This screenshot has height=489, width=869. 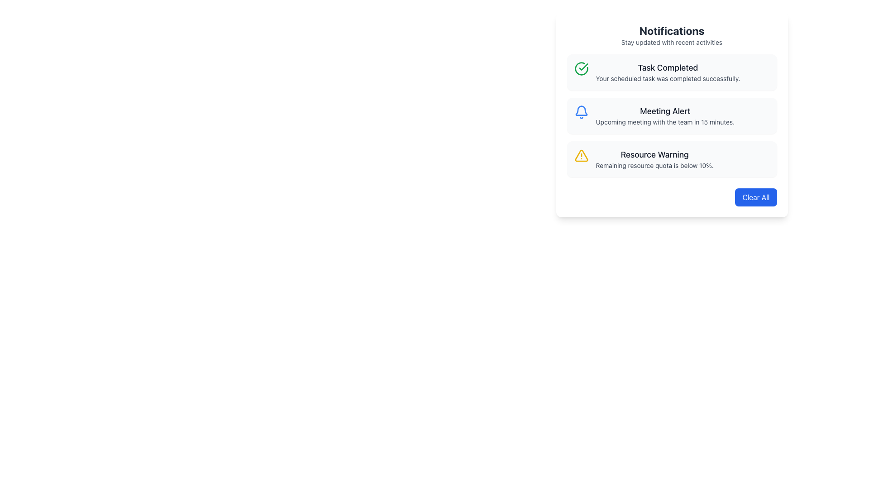 I want to click on the 'Task Completed' notification header that displays a success message in a notification card, so click(x=668, y=72).